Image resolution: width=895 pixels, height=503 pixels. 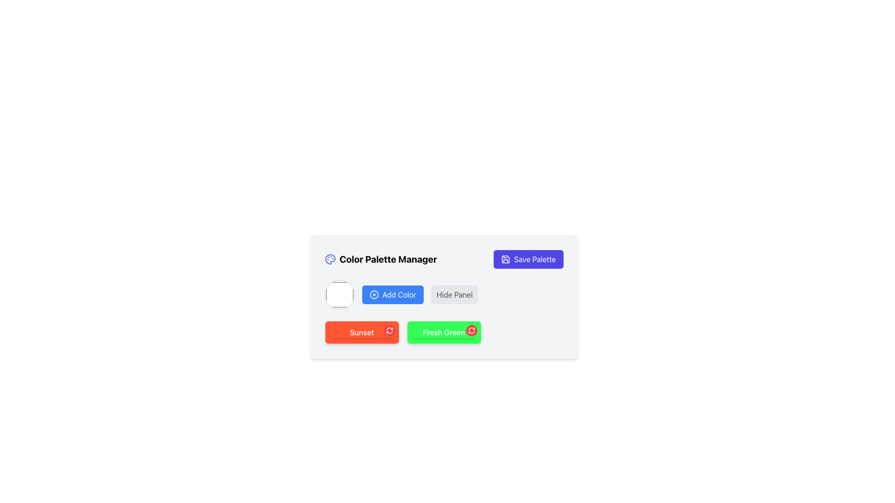 I want to click on the save icon located within the 'Save Palette' button at the top-right corner of the panel, so click(x=505, y=259).